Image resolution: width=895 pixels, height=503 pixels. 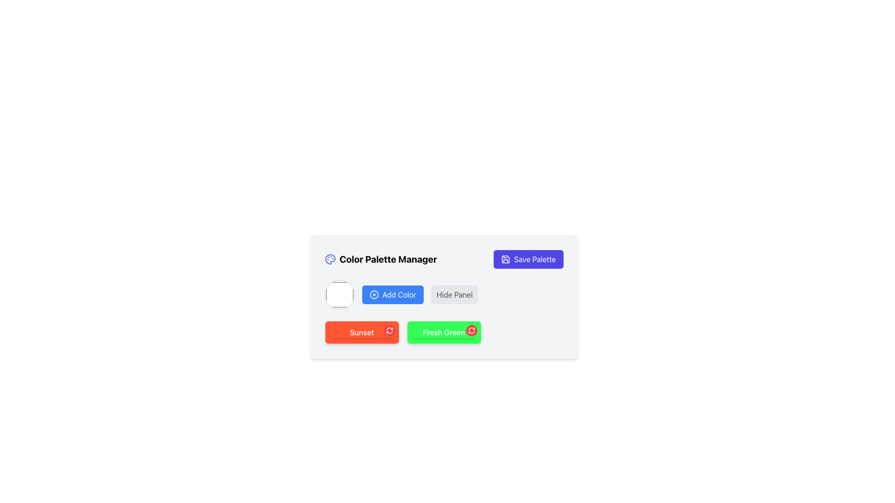 I want to click on the save icon located within the 'Save Palette' button at the top-right corner of the panel, so click(x=505, y=259).